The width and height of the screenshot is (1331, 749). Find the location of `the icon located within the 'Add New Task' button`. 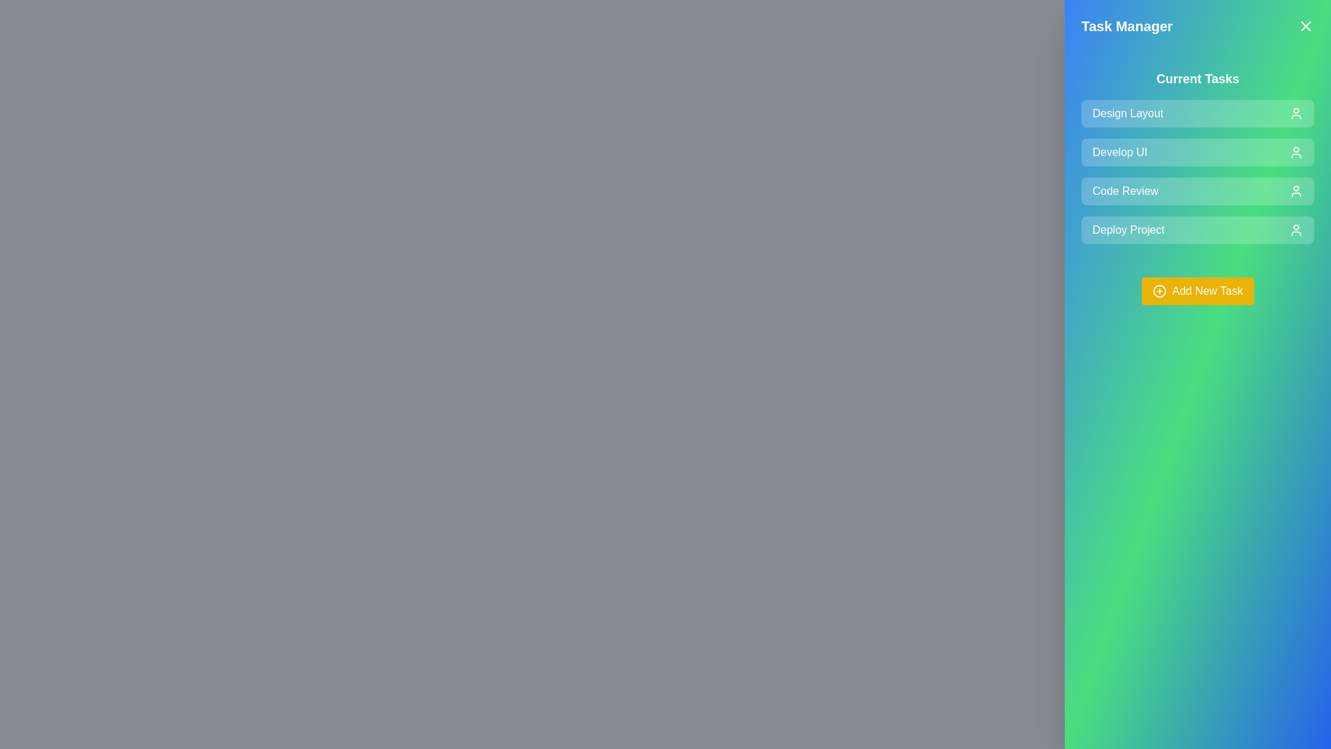

the icon located within the 'Add New Task' button is located at coordinates (1160, 291).